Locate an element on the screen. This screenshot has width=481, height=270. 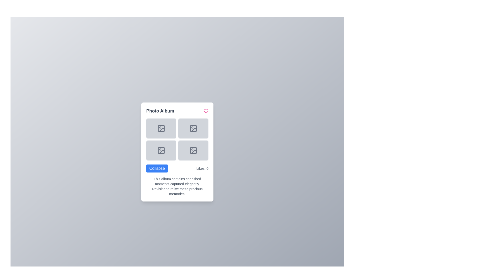
the heart-shaped SVG icon is located at coordinates (206, 110).